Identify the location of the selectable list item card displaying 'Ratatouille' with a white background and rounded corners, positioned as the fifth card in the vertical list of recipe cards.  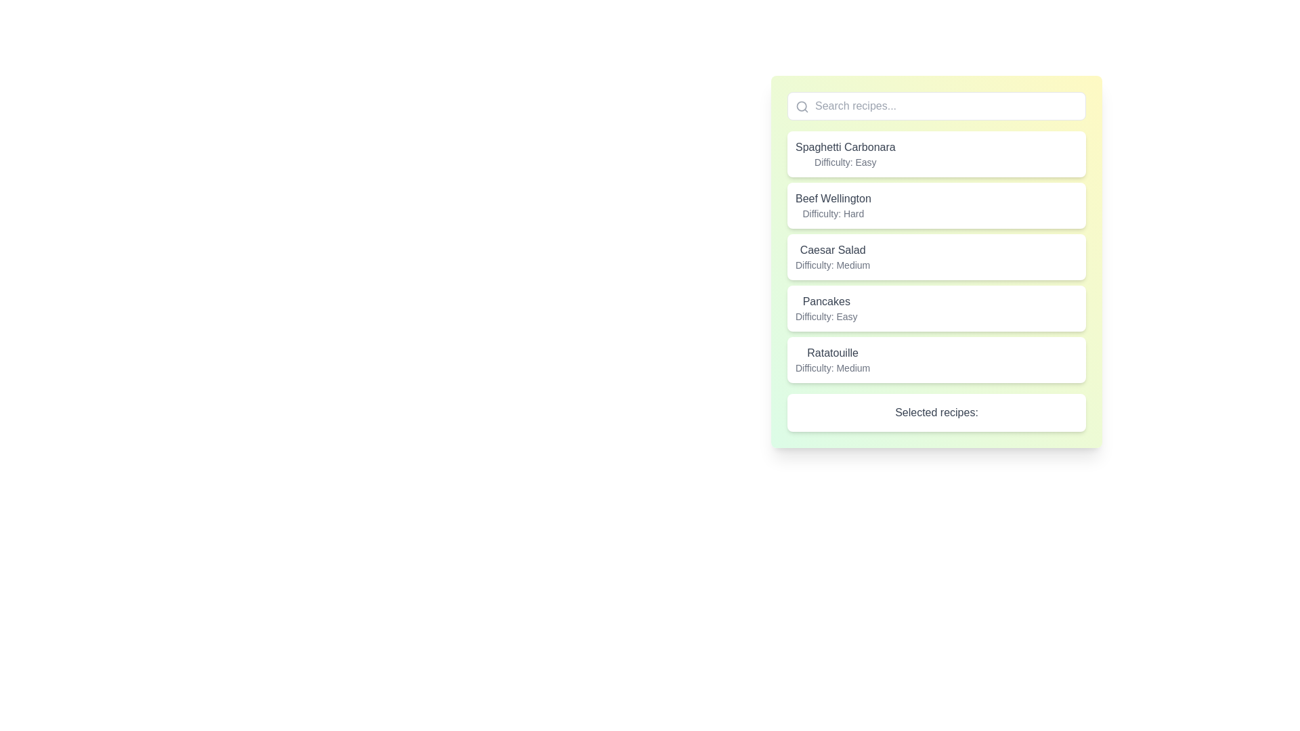
(936, 359).